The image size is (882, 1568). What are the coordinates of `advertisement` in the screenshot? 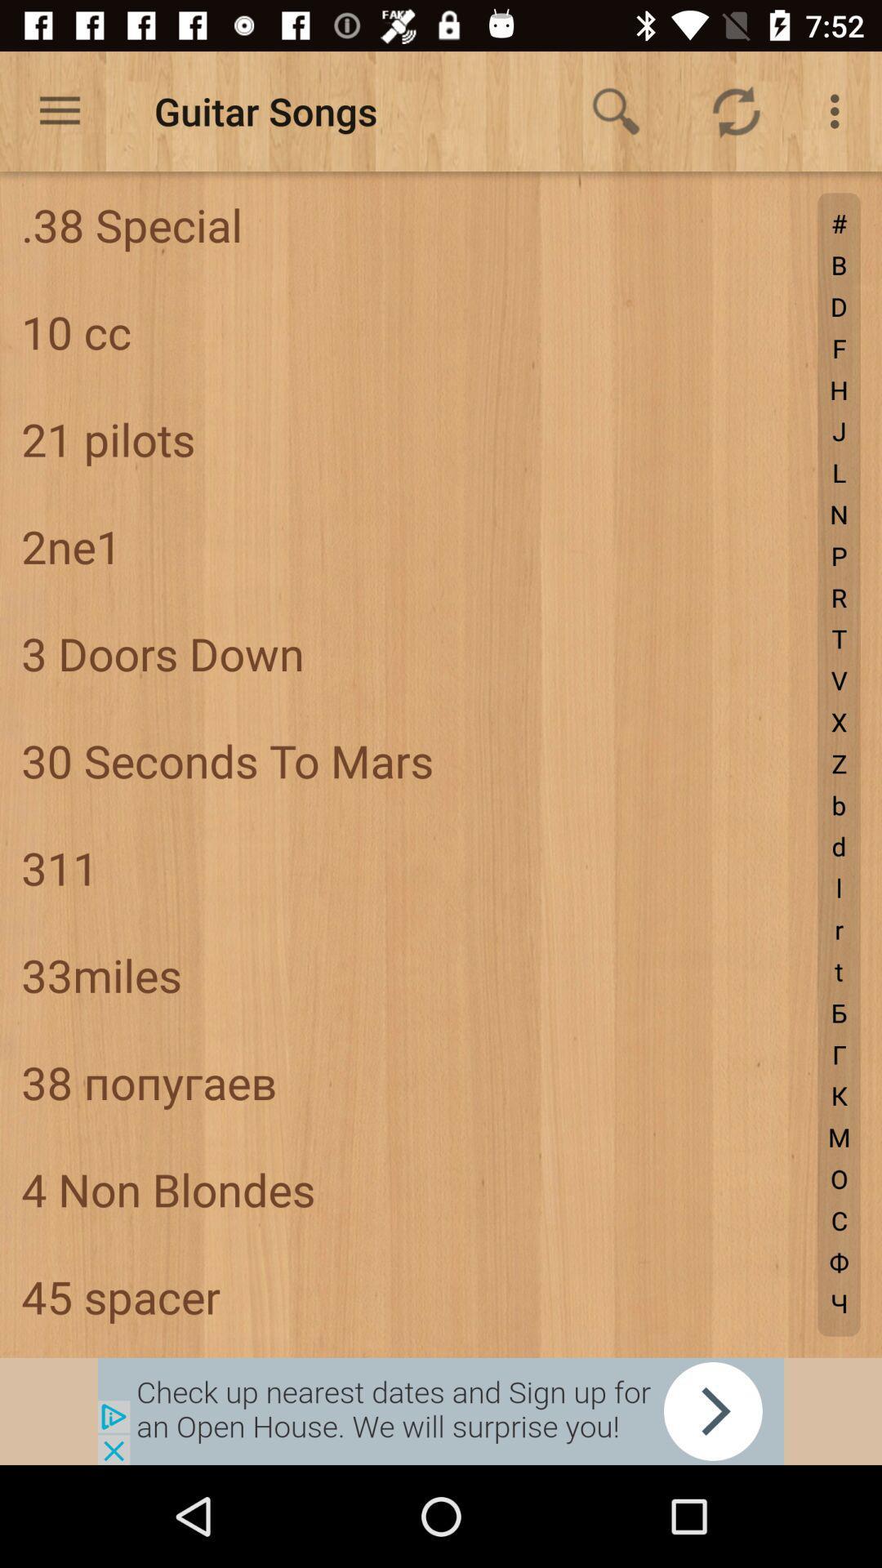 It's located at (441, 1410).